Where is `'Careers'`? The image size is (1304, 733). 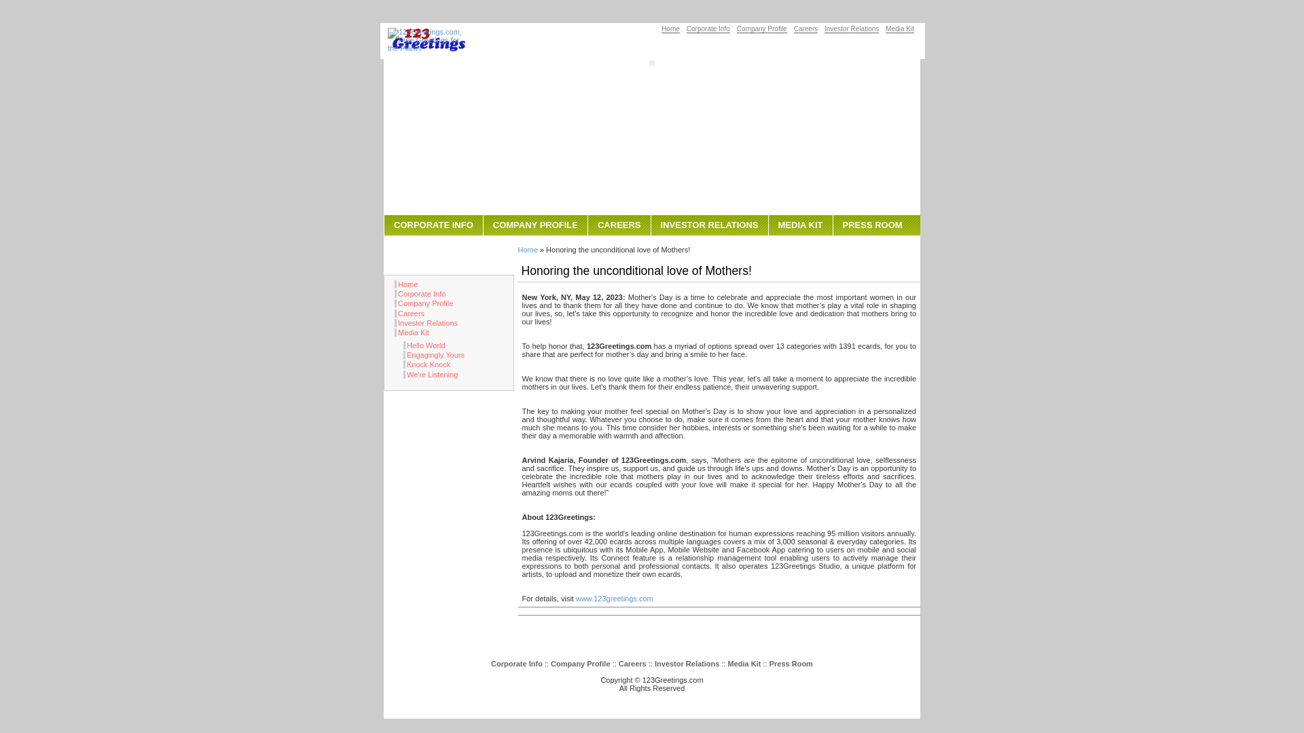 'Careers' is located at coordinates (632, 663).